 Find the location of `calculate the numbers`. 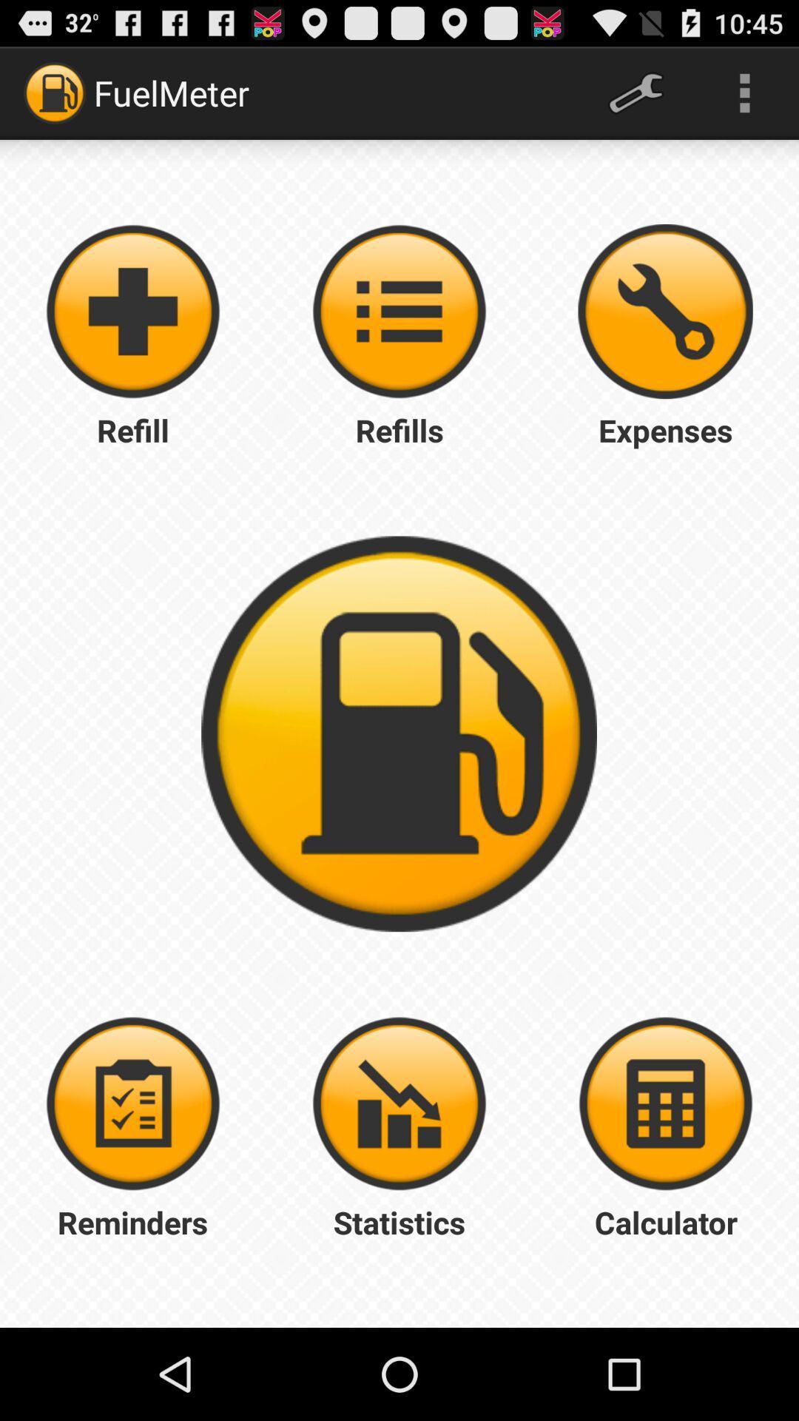

calculate the numbers is located at coordinates (664, 1103).